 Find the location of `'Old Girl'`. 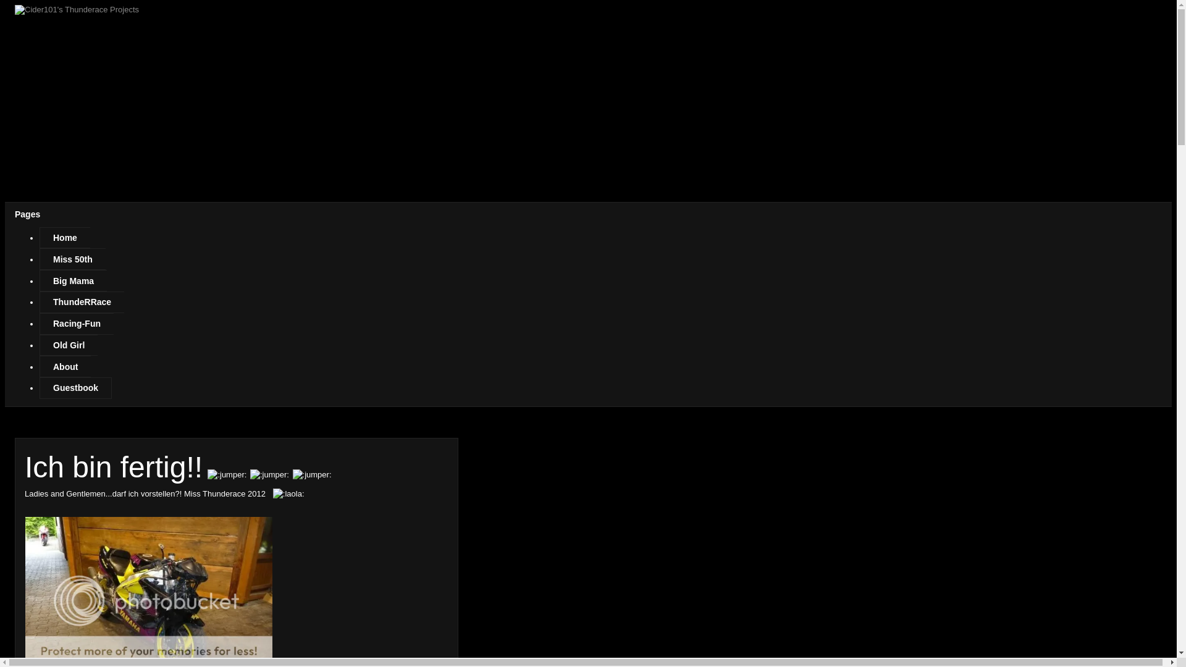

'Old Girl' is located at coordinates (67, 345).